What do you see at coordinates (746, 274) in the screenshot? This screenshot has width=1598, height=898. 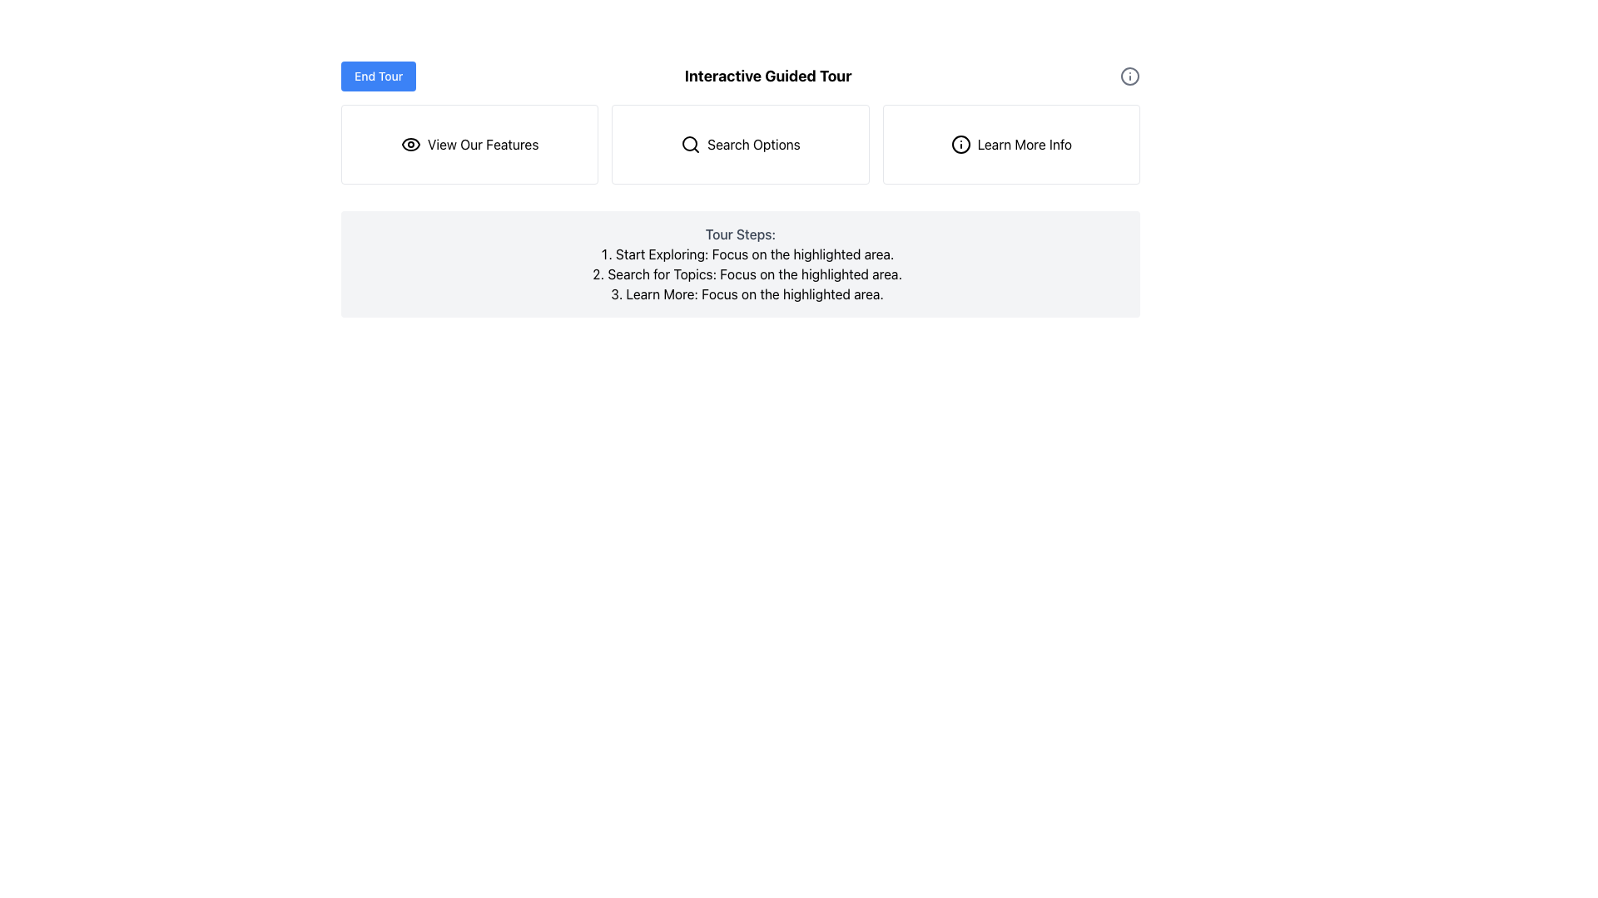 I see `text element displaying '2. Search for Topics: Focus on the highlighted area.' which is the second item in a numbered list centrally located in the interface` at bounding box center [746, 274].